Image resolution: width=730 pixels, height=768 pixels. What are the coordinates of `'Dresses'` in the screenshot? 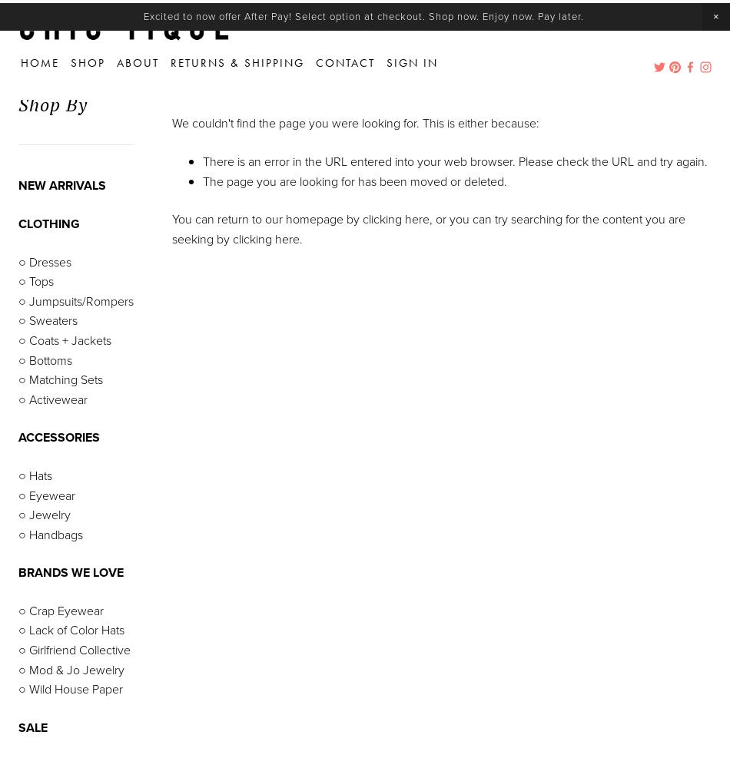 It's located at (49, 260).